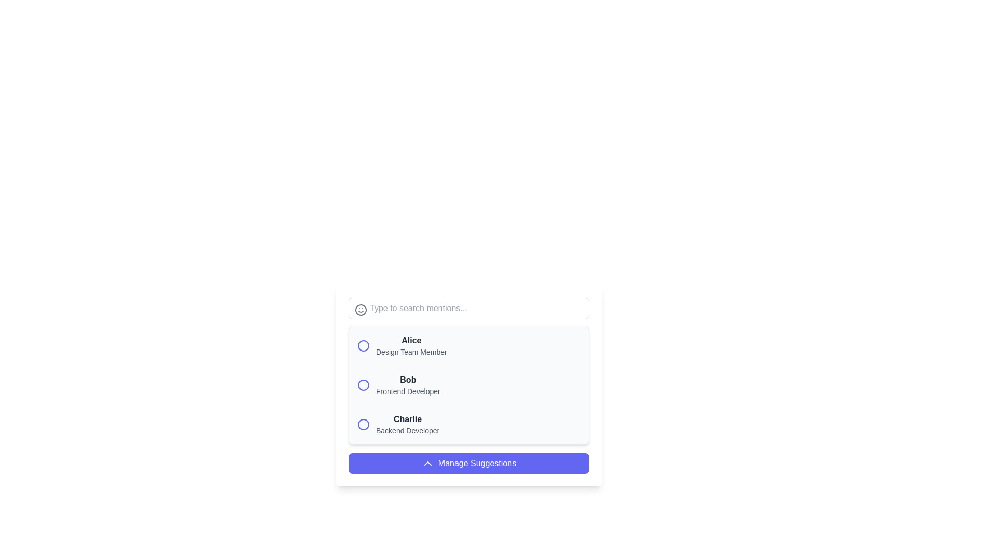 This screenshot has width=996, height=560. Describe the element at coordinates (361, 309) in the screenshot. I see `the smiley icon located at the top-left corner inside the text input field for searching or mentioning` at that location.